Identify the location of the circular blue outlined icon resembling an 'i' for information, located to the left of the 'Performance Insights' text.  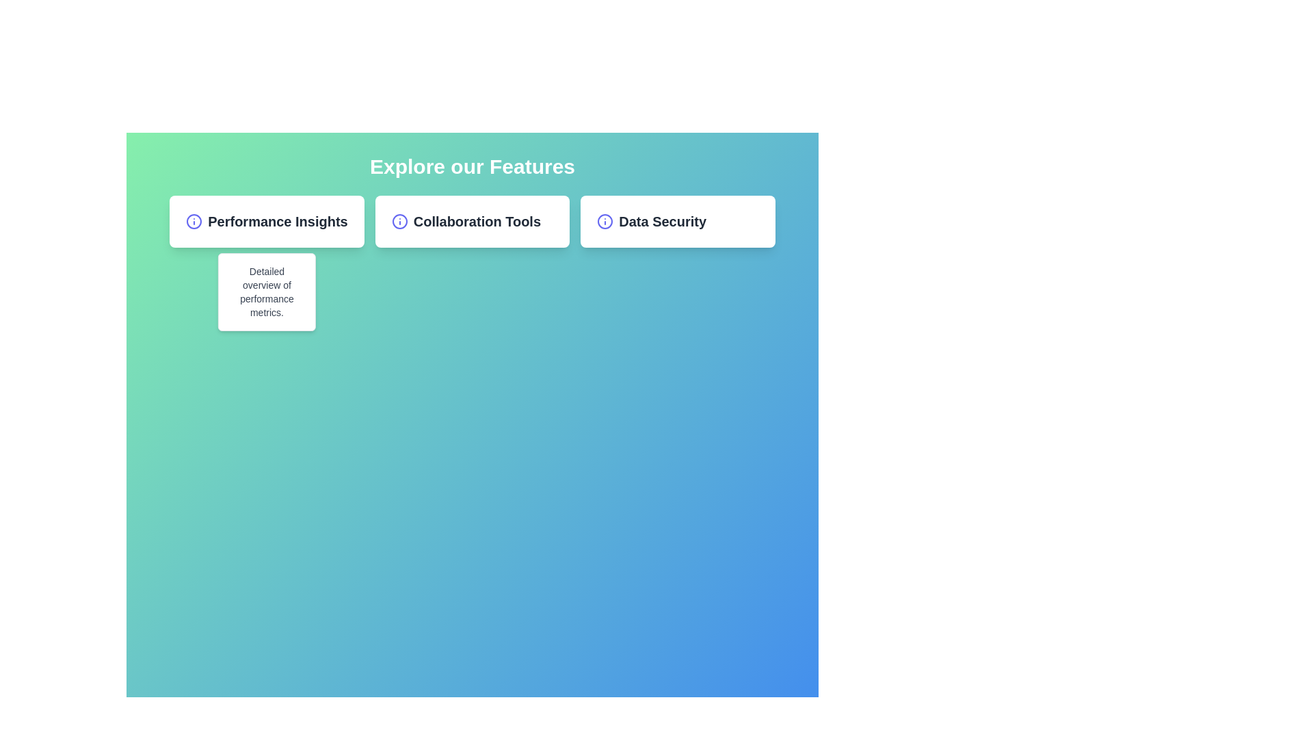
(193, 221).